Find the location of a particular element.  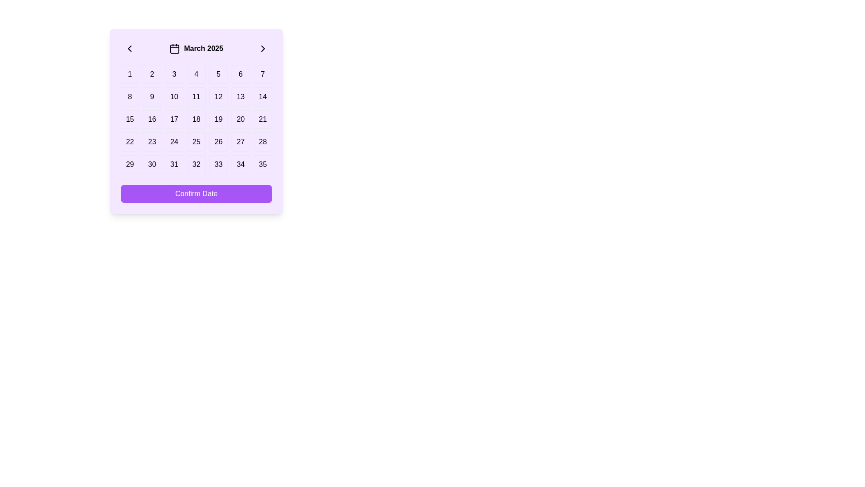

the selectable date button in the calendar interface located under the 'March 2025' header is located at coordinates (129, 142).